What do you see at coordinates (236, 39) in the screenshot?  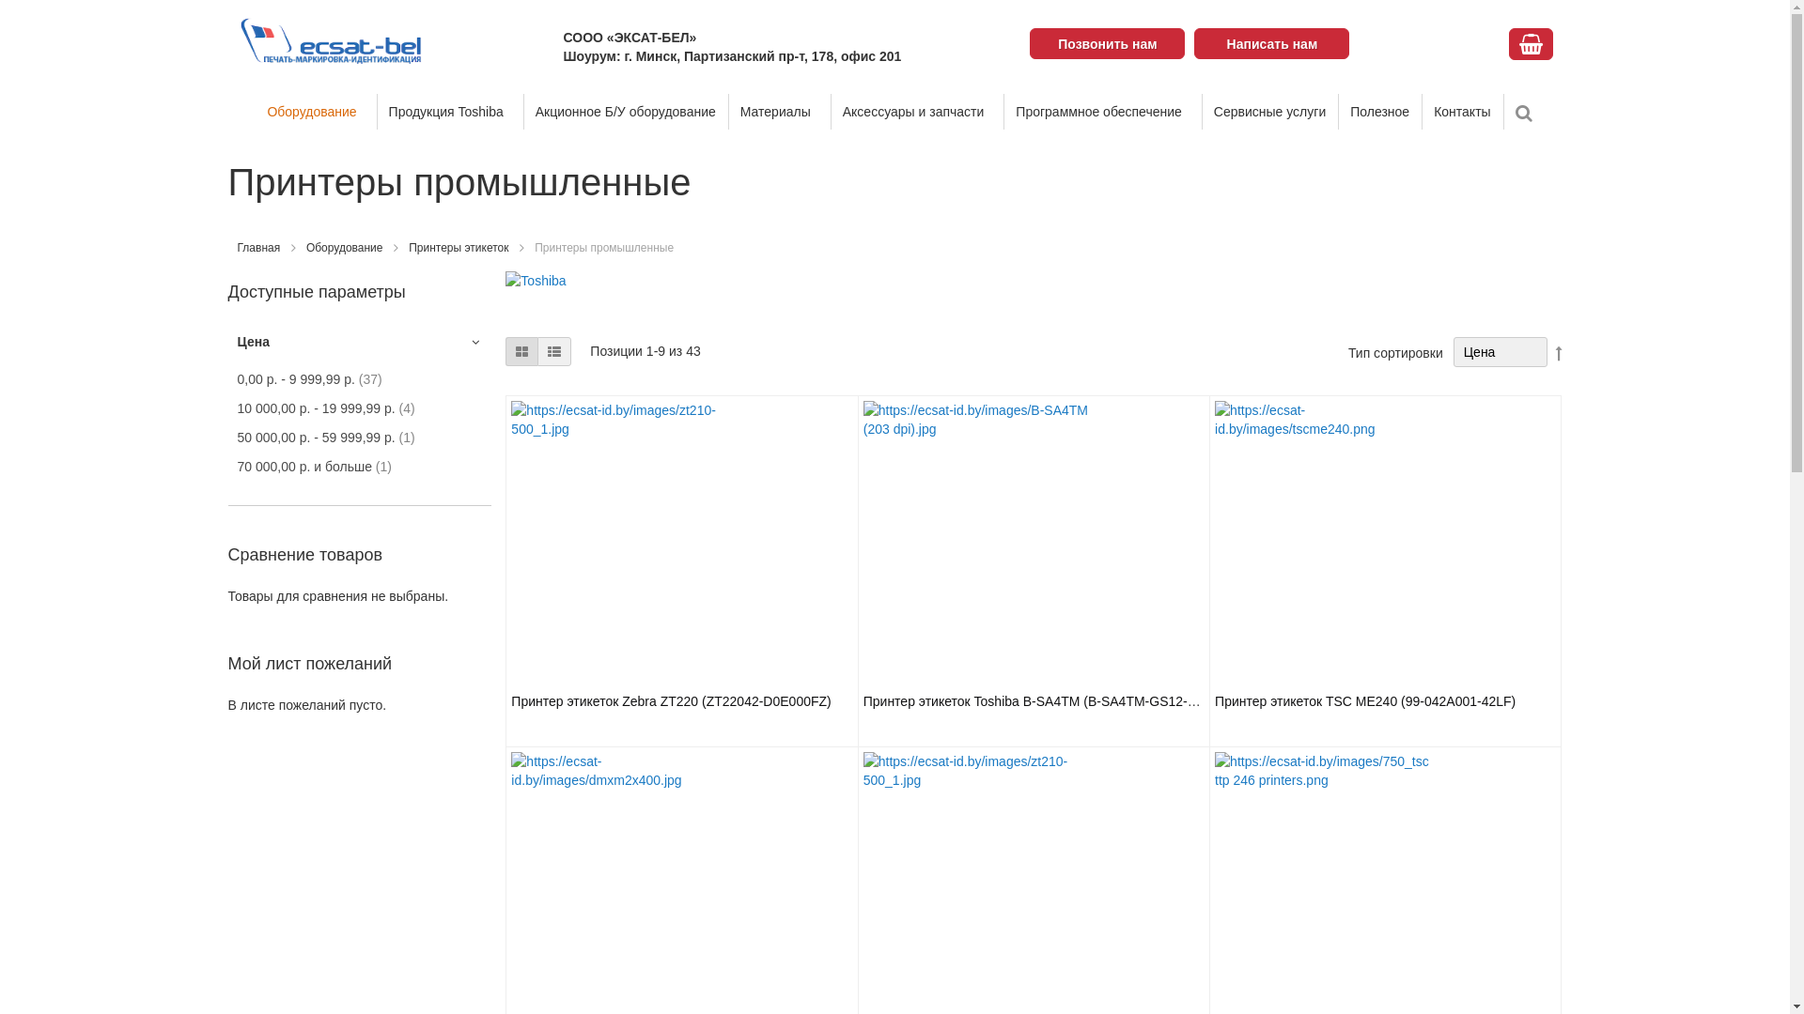 I see `'Ecsat-bel'` at bounding box center [236, 39].